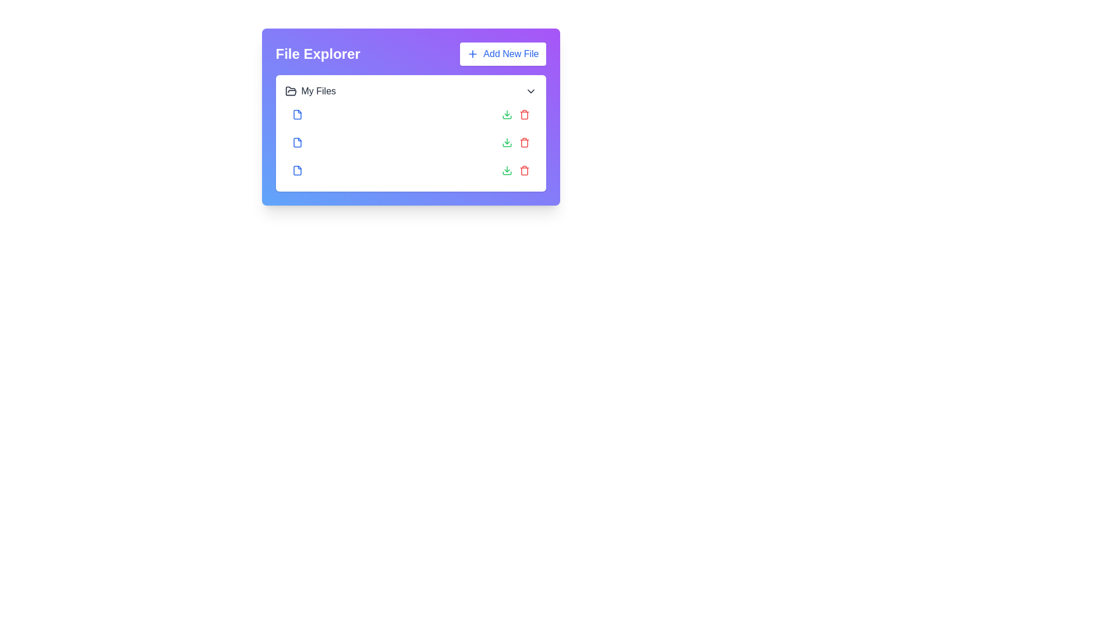 The height and width of the screenshot is (629, 1118). Describe the element at coordinates (523, 115) in the screenshot. I see `the Trash Bin icon located in the 'My Files' section` at that location.